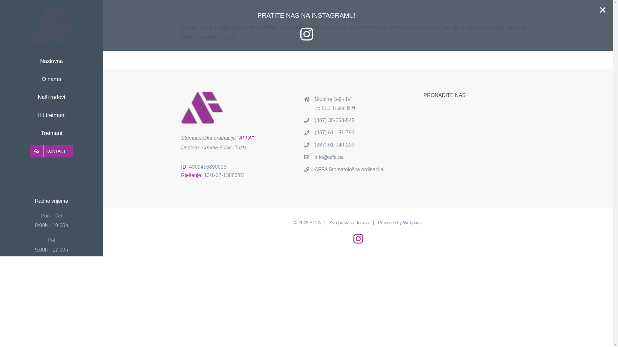 The height and width of the screenshot is (347, 618). Describe the element at coordinates (51, 61) in the screenshot. I see `'Naslovna'` at that location.